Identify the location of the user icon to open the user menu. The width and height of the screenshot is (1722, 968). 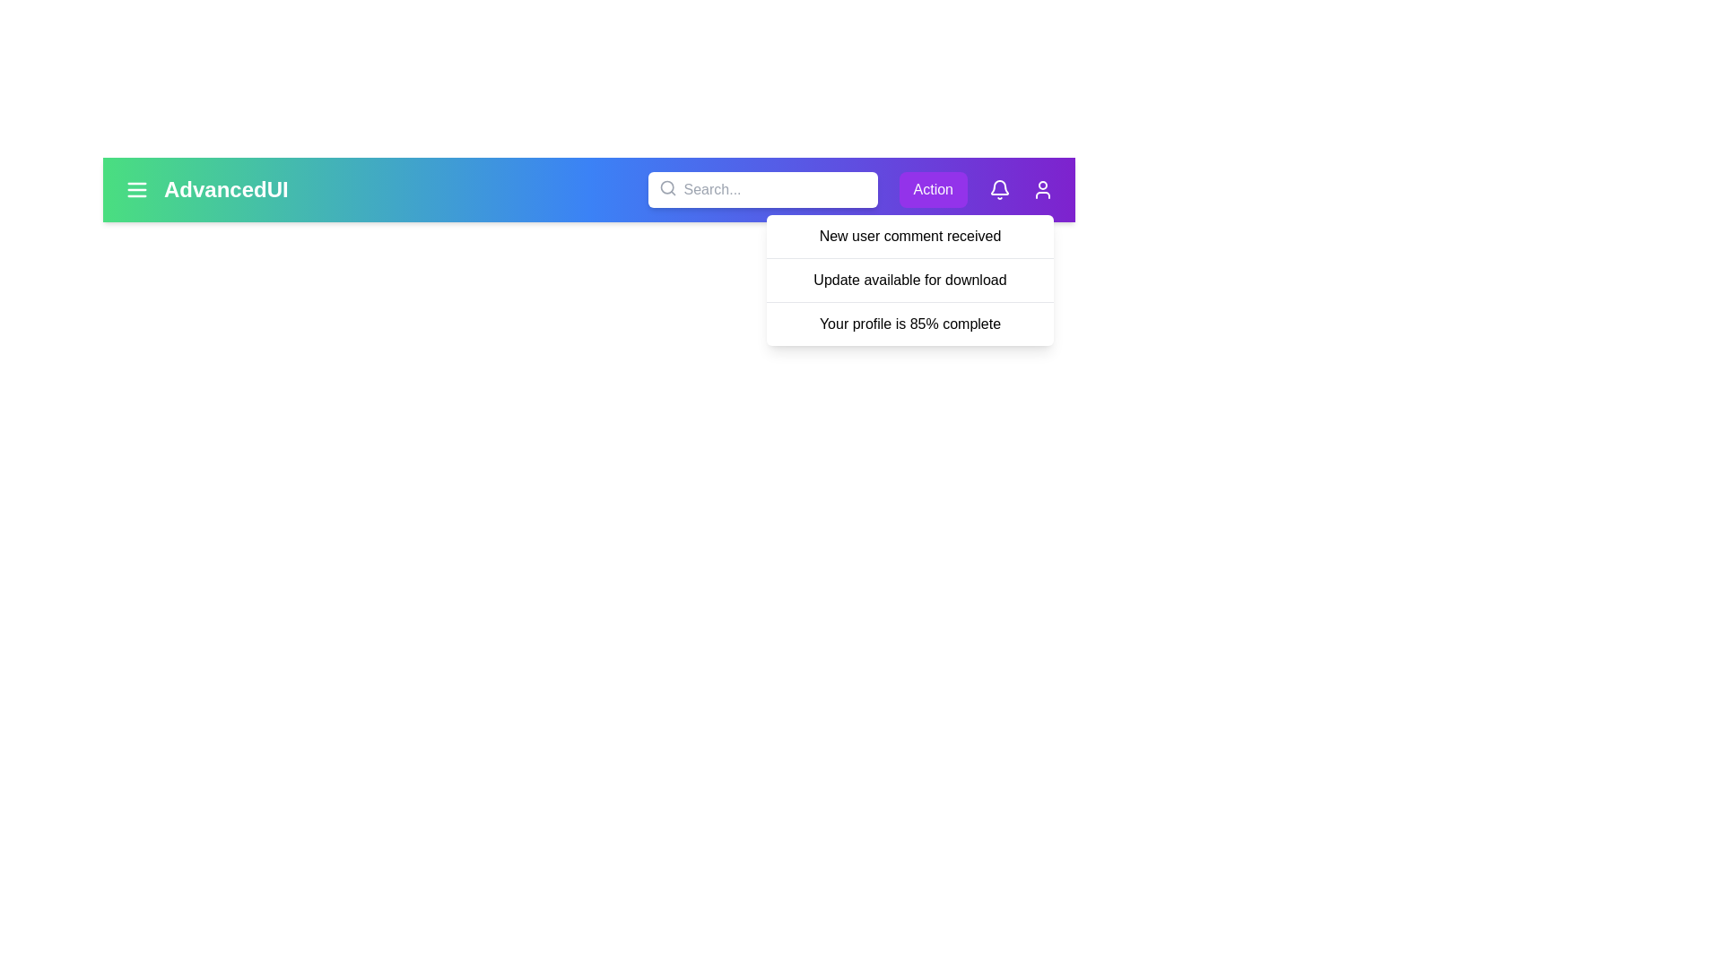
(1042, 190).